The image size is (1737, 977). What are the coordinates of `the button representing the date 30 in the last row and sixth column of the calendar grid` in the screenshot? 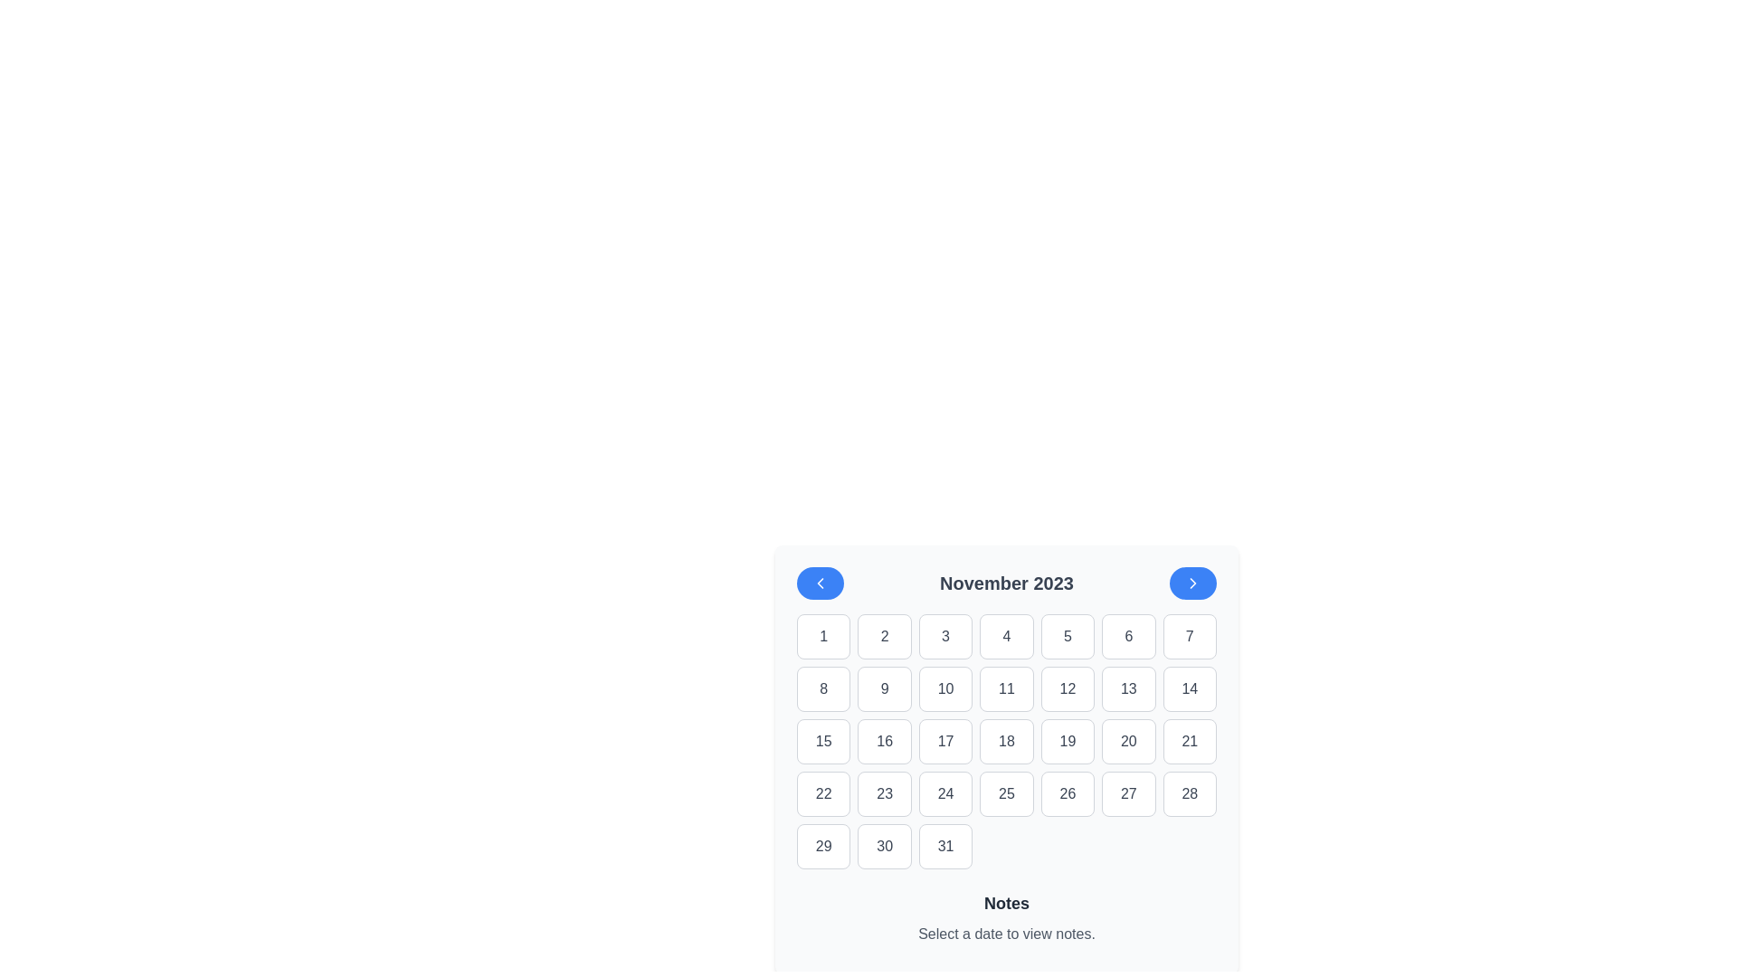 It's located at (885, 847).